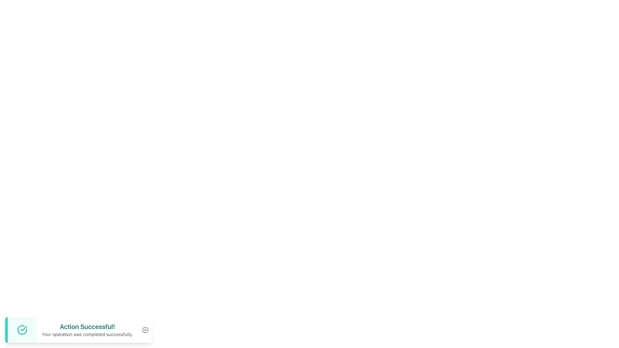  I want to click on the circular outline icon with a cross inside, located in the bottom-right corner of the interface, so click(145, 330).